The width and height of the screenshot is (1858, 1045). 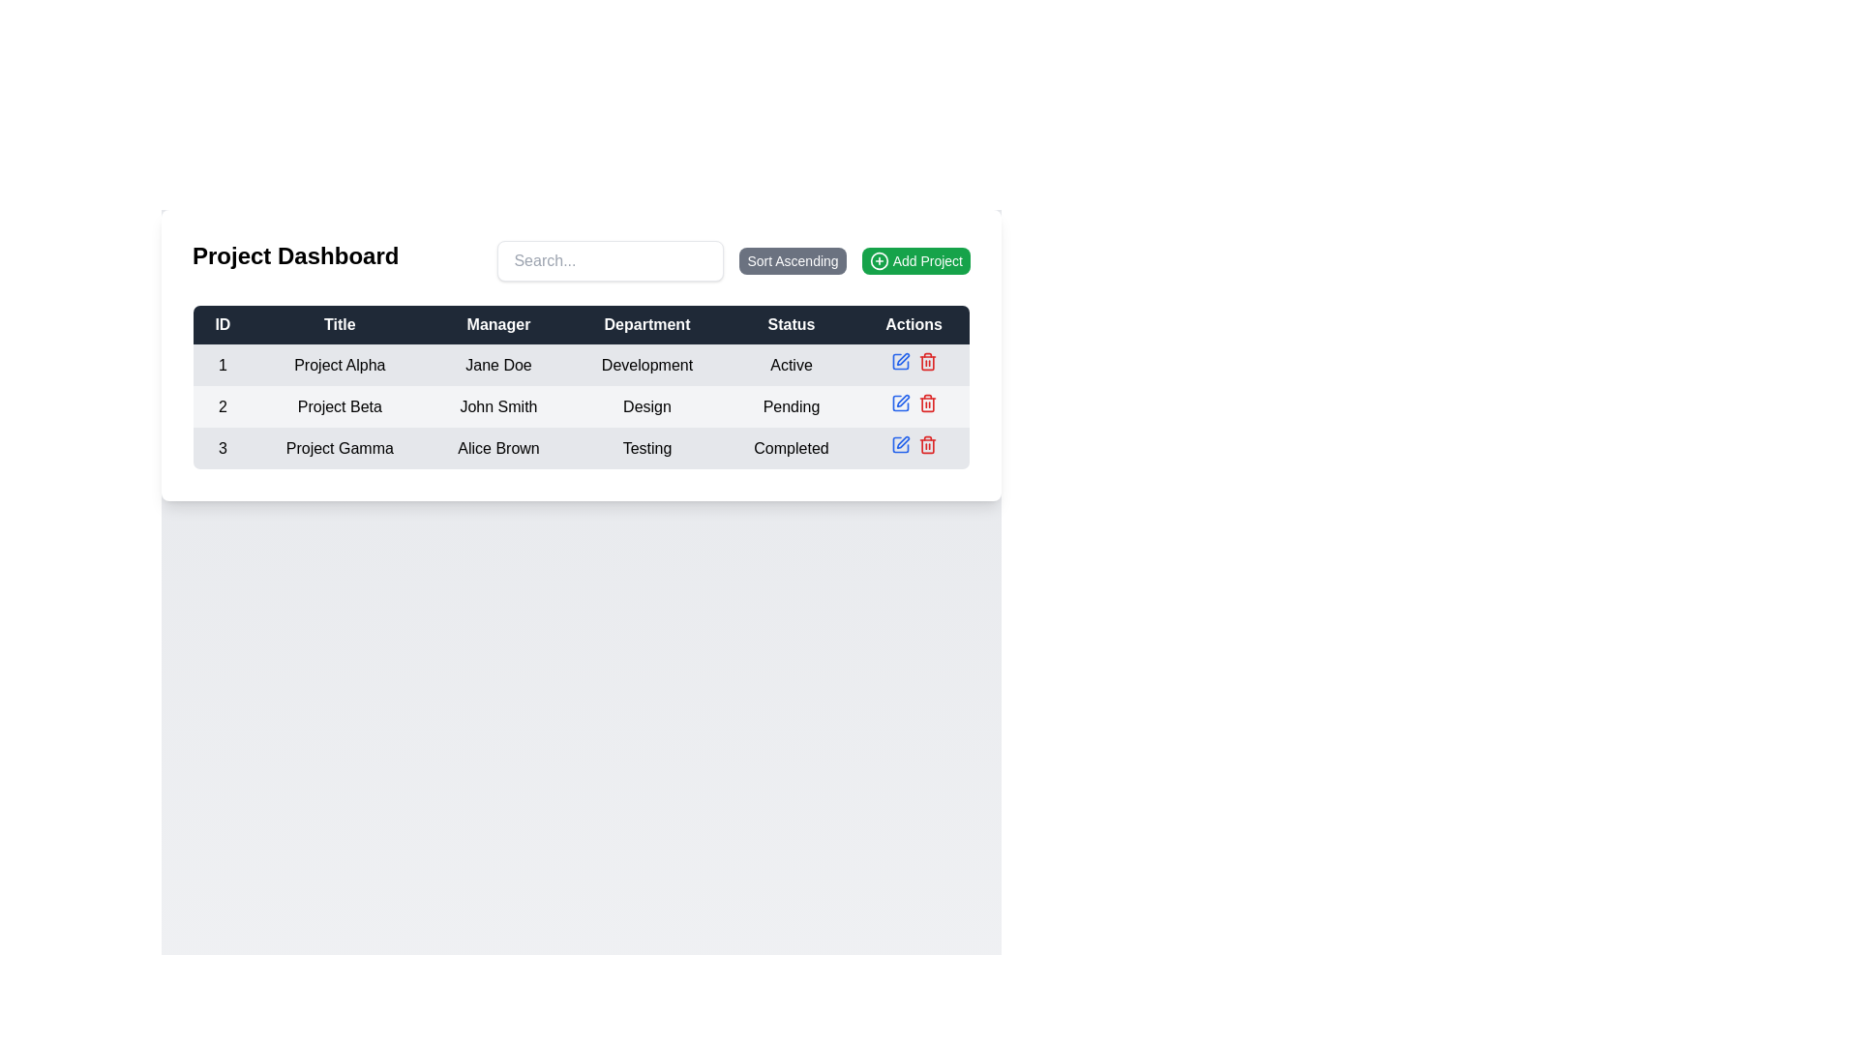 I want to click on the text label representing the manager's name in the third column of the first row of the project table, so click(x=498, y=365).